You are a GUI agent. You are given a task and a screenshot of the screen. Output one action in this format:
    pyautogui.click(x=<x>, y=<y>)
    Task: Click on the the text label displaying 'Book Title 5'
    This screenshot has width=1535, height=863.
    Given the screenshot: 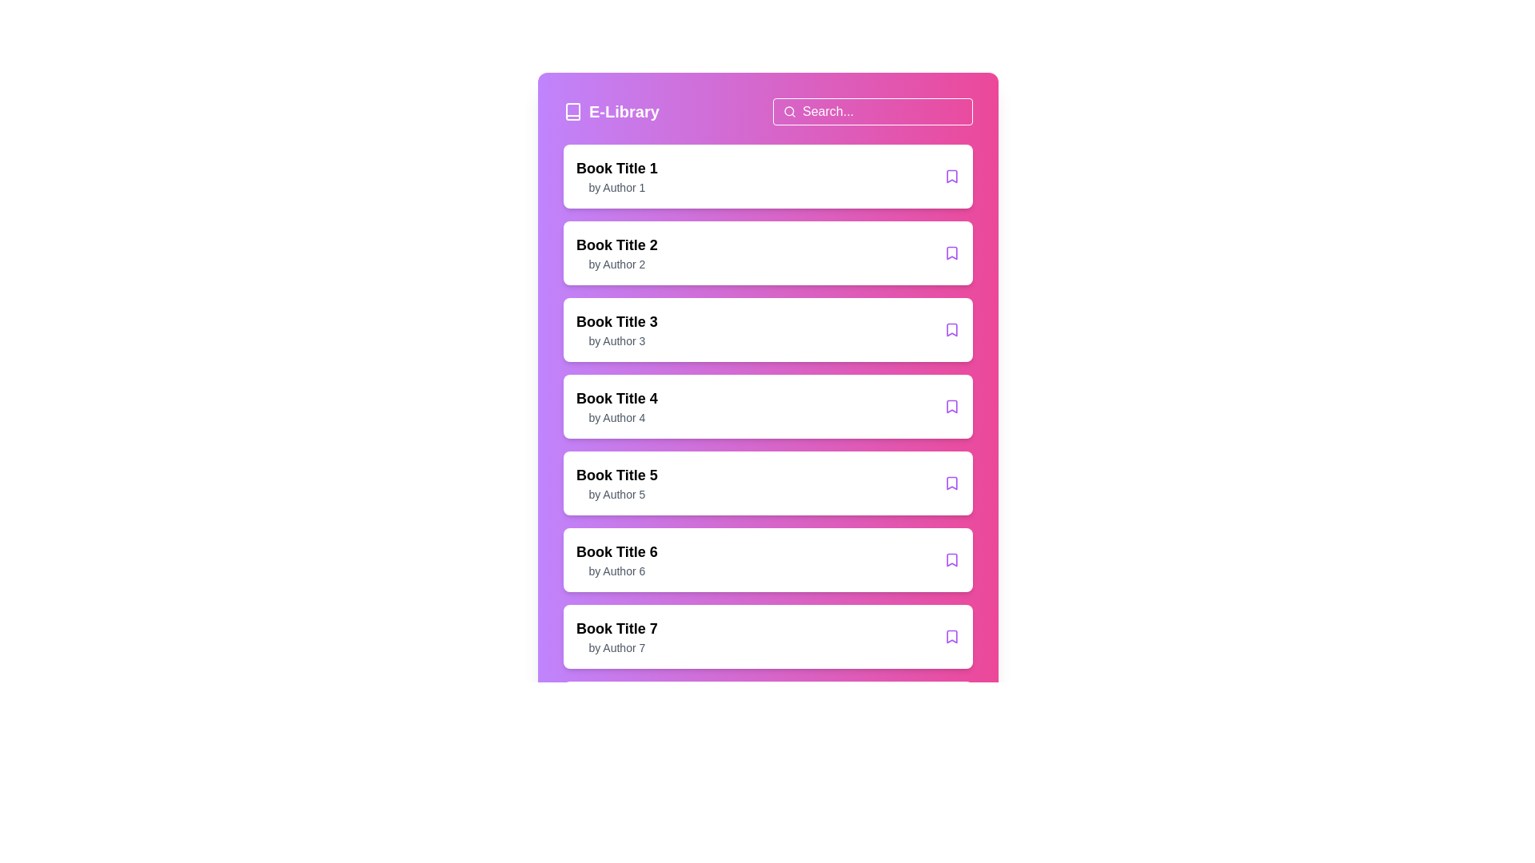 What is the action you would take?
    pyautogui.click(x=616, y=474)
    